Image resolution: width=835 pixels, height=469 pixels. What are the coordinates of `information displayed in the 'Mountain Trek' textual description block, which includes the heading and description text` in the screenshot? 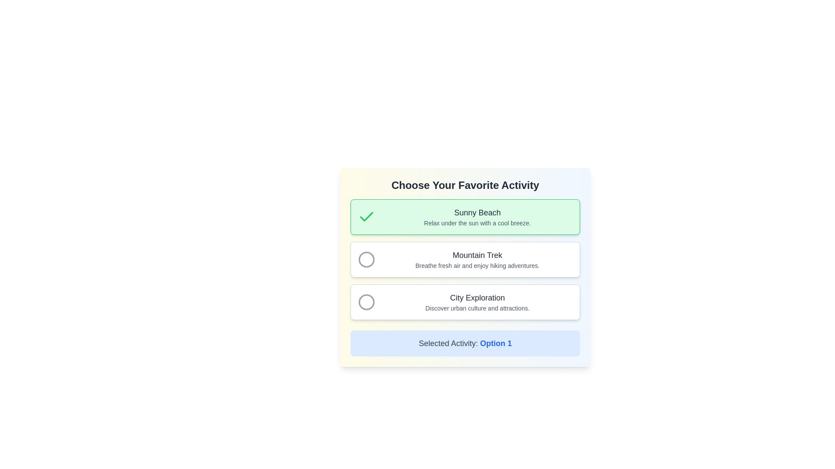 It's located at (477, 259).